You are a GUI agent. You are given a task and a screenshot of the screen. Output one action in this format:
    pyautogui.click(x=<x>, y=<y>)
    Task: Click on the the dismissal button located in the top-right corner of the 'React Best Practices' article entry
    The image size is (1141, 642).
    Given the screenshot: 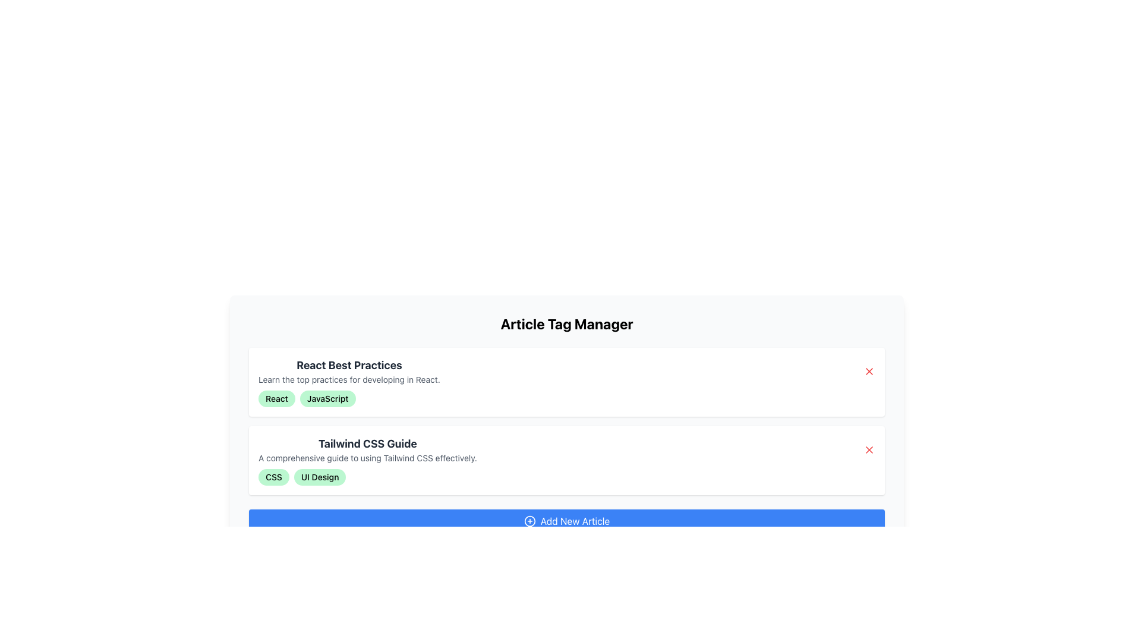 What is the action you would take?
    pyautogui.click(x=869, y=370)
    